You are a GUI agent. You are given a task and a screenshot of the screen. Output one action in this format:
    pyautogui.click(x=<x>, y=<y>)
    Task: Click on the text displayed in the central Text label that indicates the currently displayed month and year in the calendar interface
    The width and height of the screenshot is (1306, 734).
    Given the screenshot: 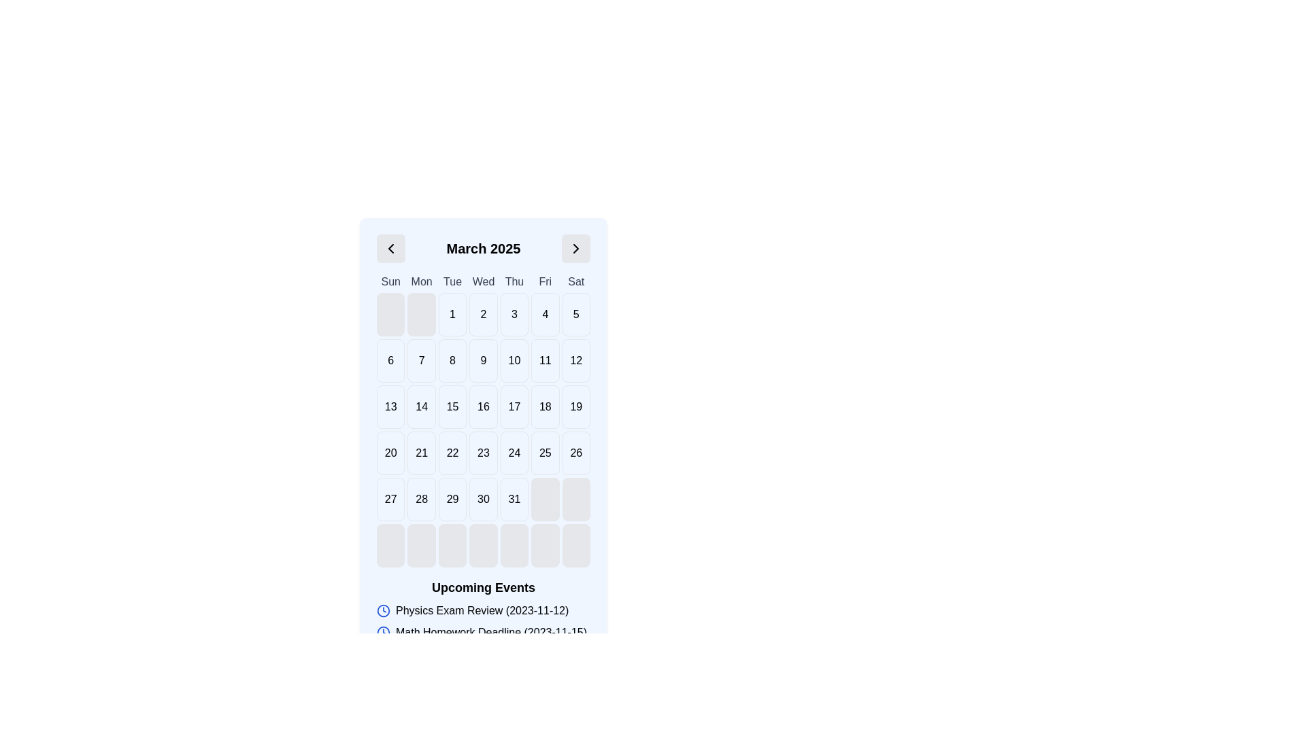 What is the action you would take?
    pyautogui.click(x=483, y=249)
    